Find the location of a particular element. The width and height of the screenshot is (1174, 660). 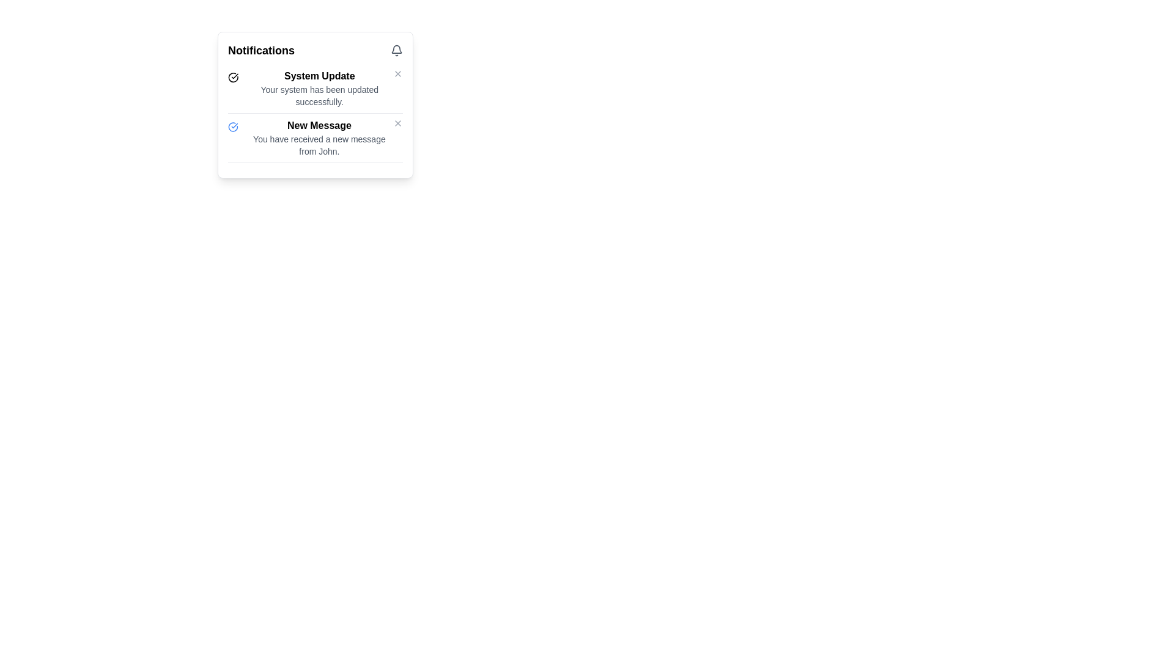

the close button (cross icon) located at the far right of the 'System Update' notification is located at coordinates (398, 73).